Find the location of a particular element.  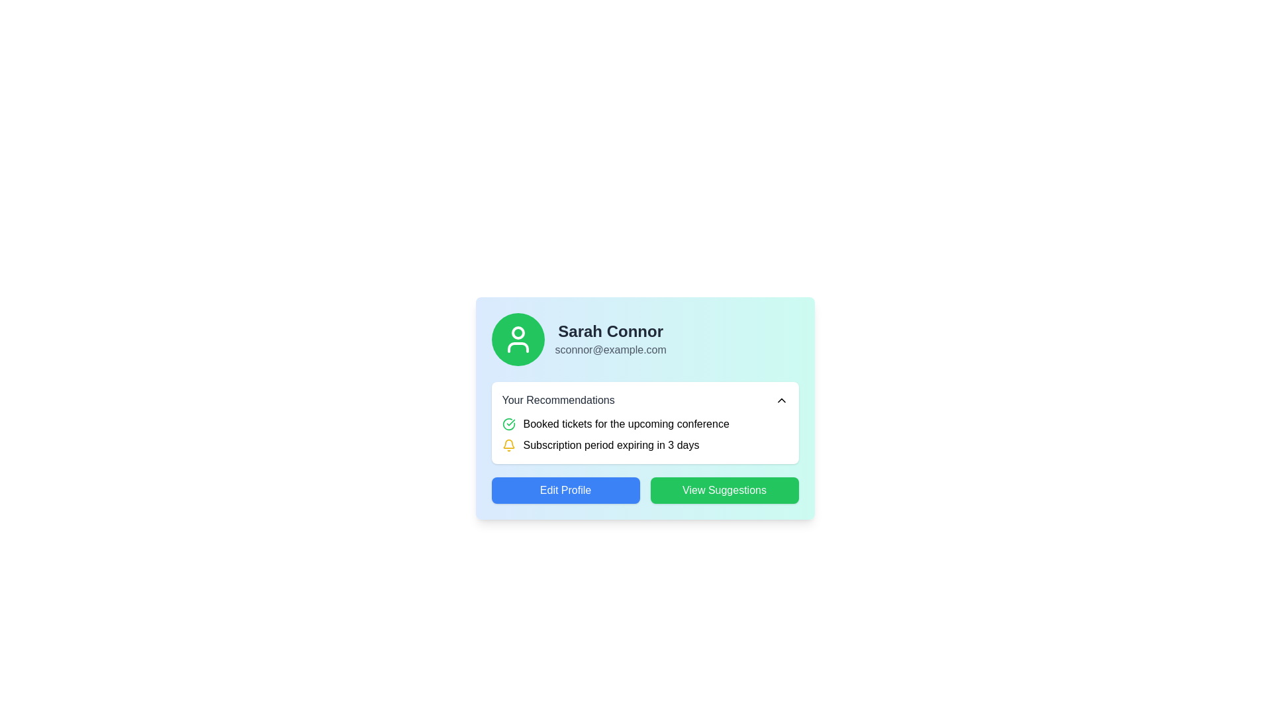

notification content stating 'Subscription period expiring in 3 days', which is the second item in the recommendations list under 'Your Recommendations' is located at coordinates (645, 445).